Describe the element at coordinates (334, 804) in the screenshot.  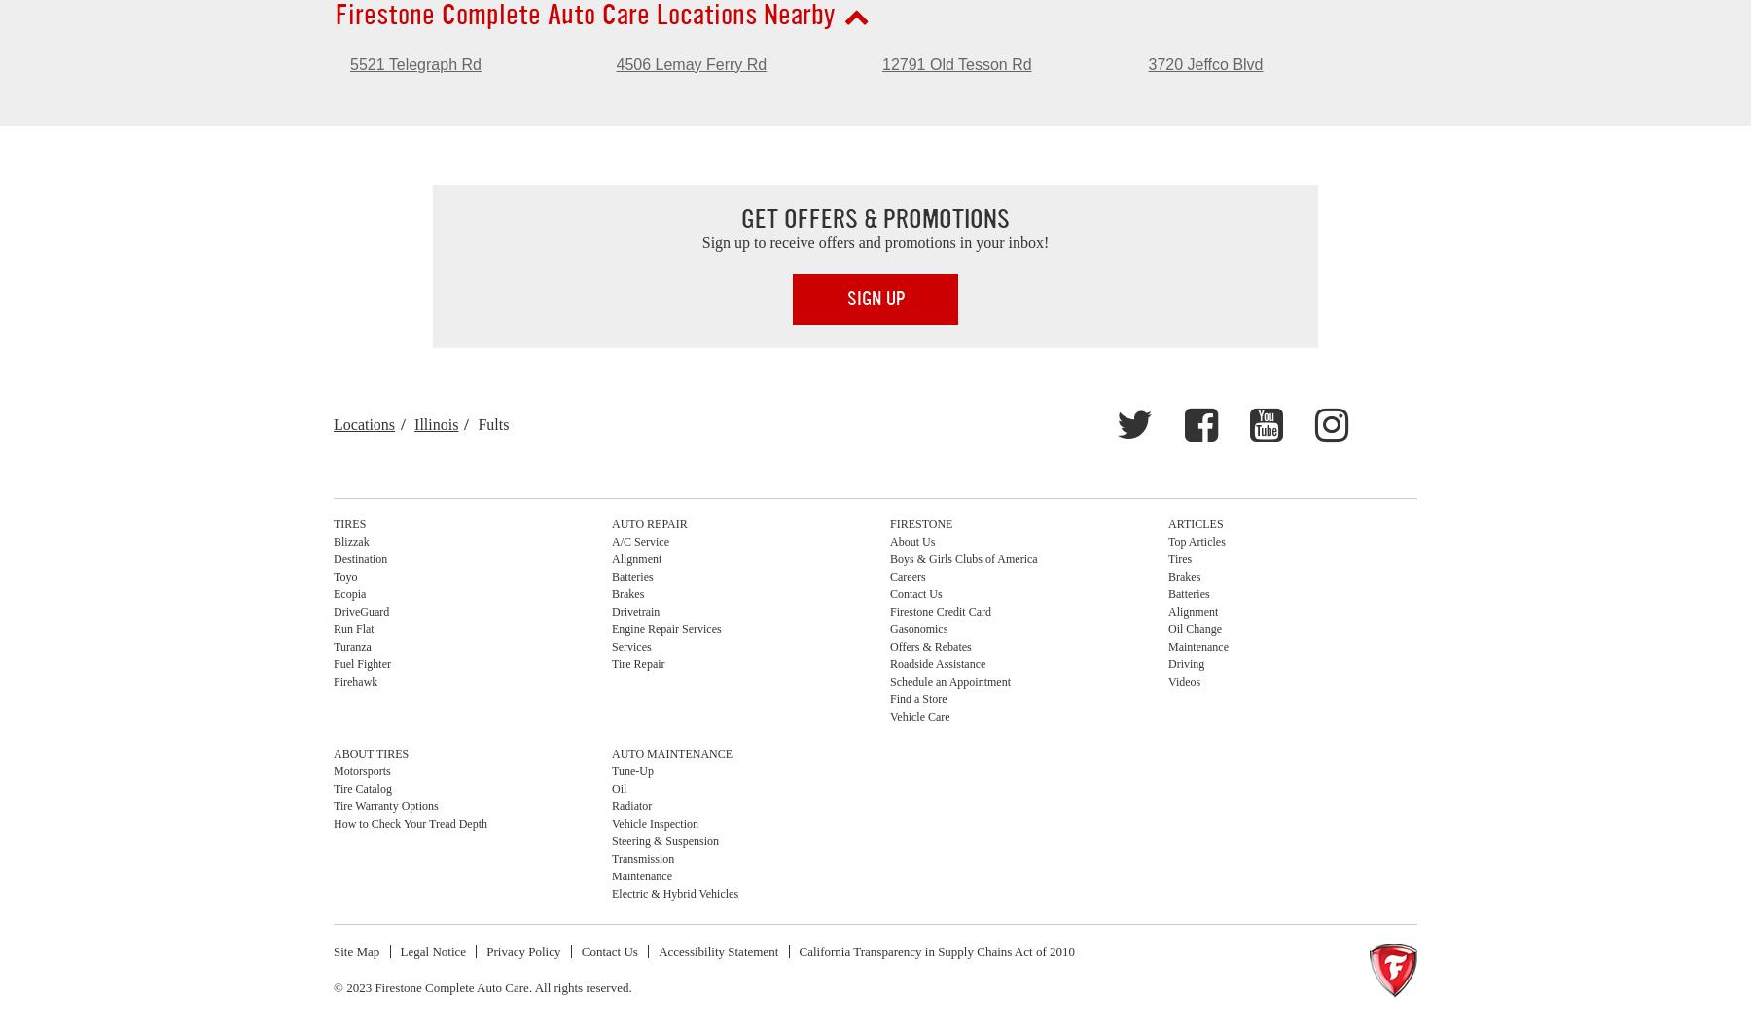
I see `'Tire Warranty Options'` at that location.